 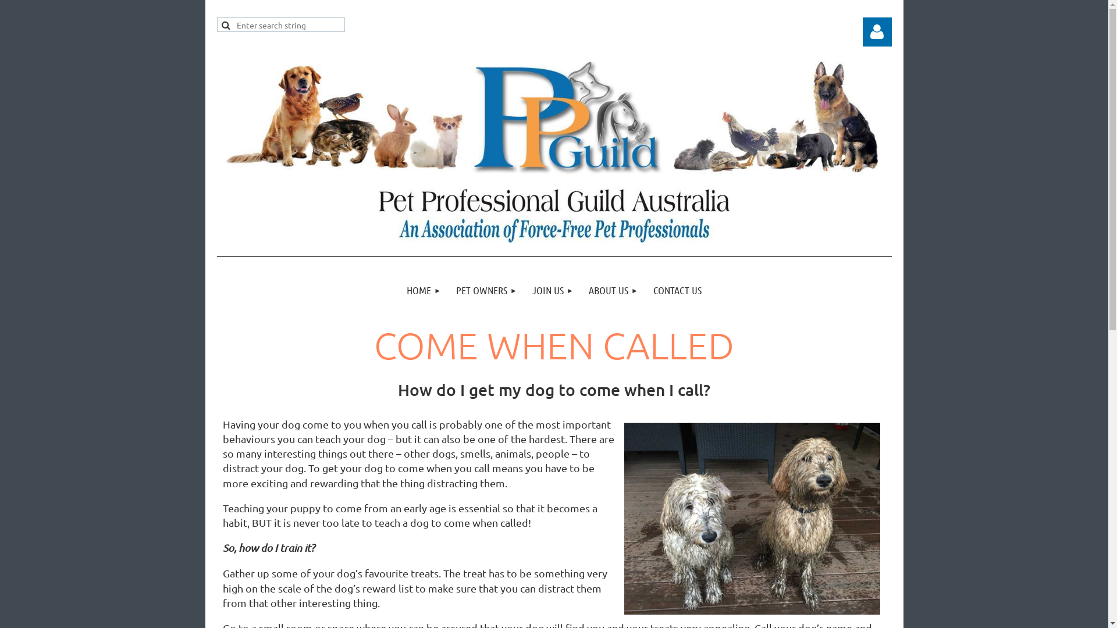 I want to click on 'ABOUT US', so click(x=581, y=290).